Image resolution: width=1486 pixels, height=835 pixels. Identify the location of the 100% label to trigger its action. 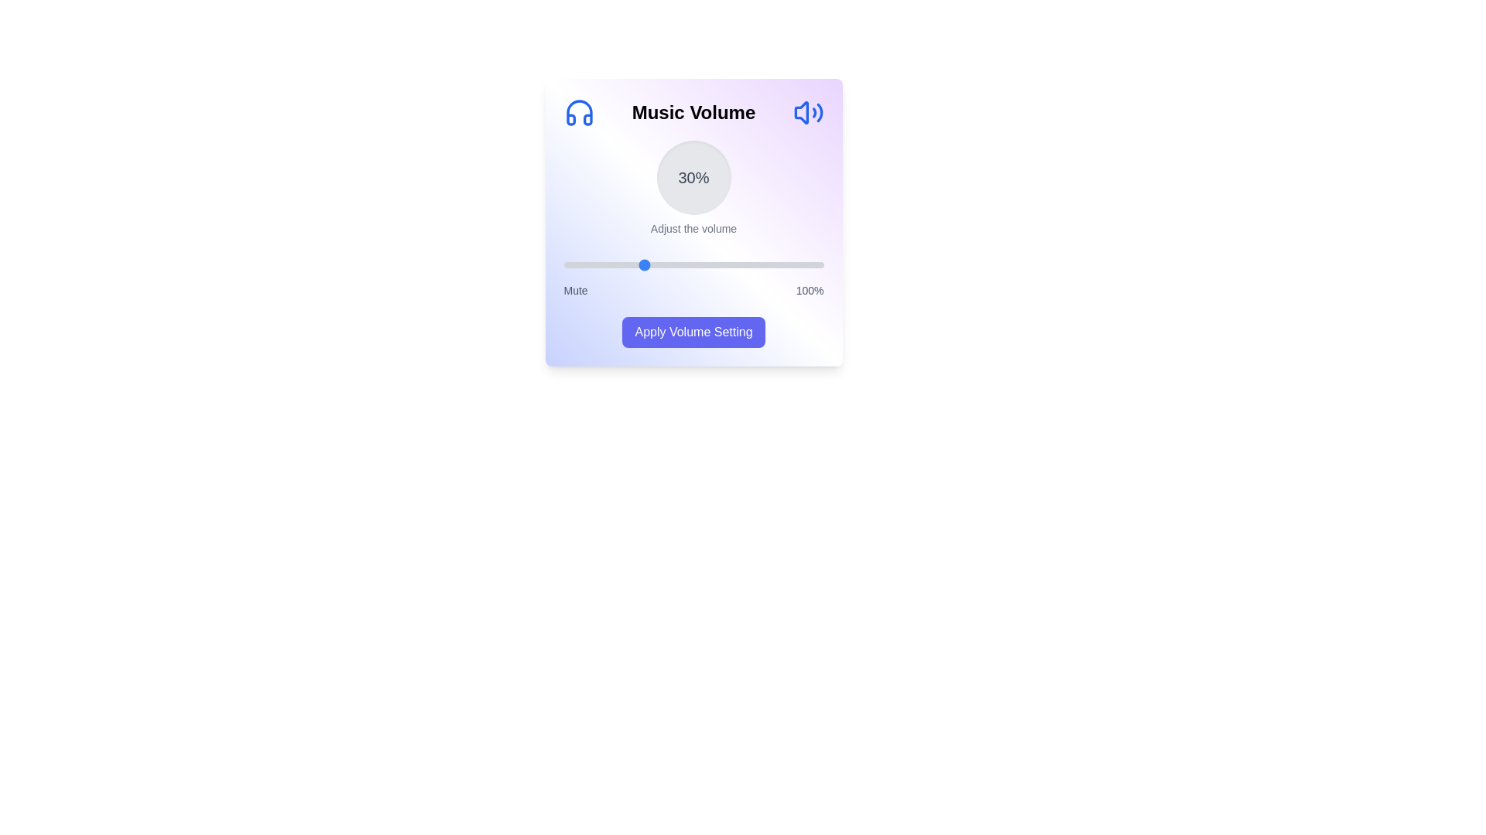
(809, 290).